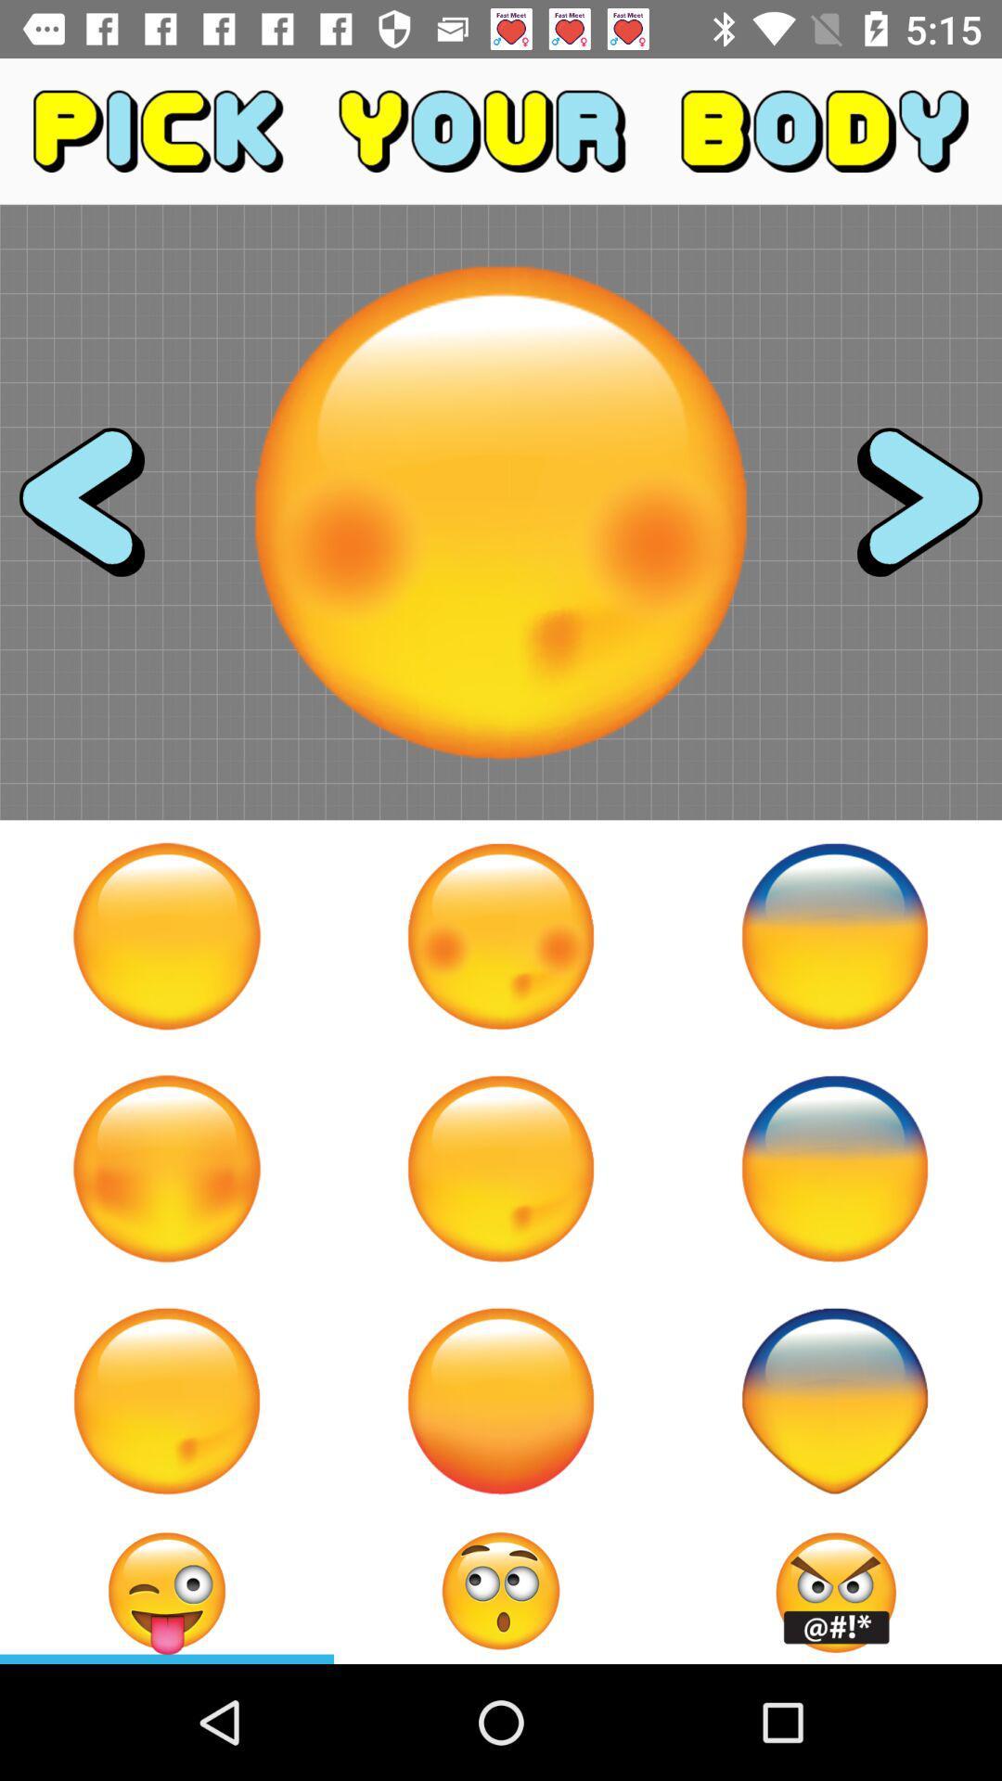  Describe the element at coordinates (98, 512) in the screenshot. I see `previous` at that location.